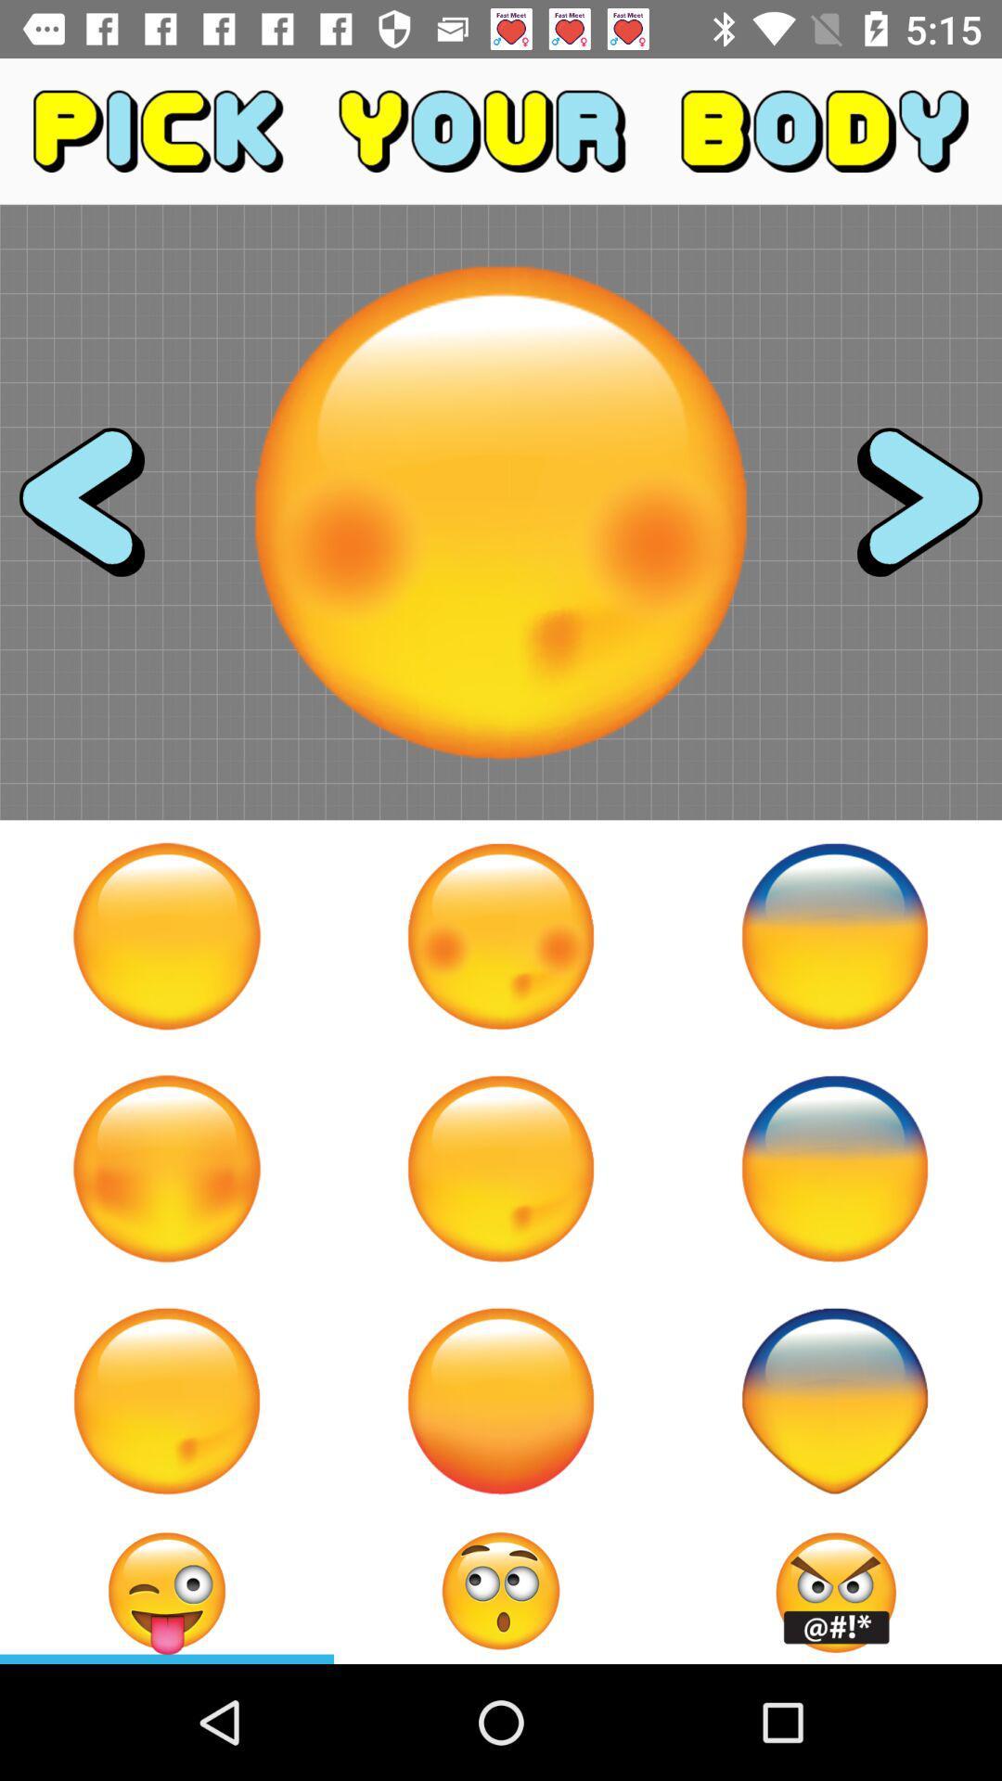  Describe the element at coordinates (98, 512) in the screenshot. I see `previous` at that location.